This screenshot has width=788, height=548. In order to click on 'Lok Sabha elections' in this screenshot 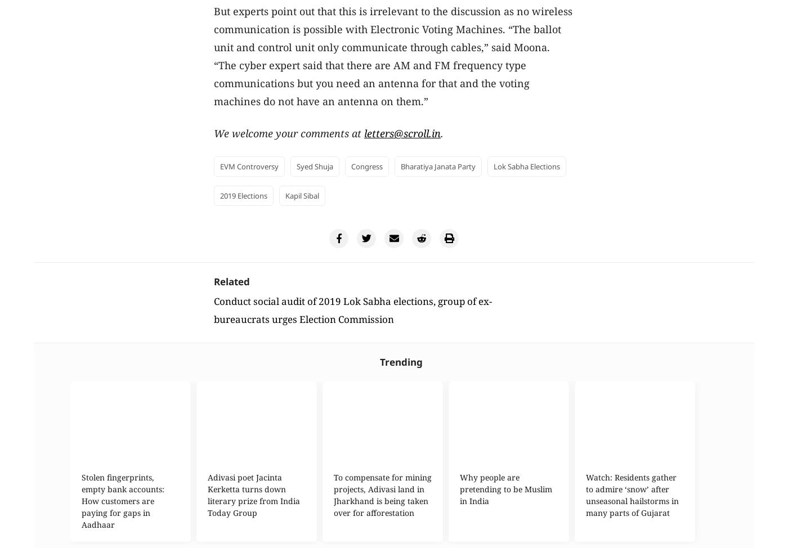, I will do `click(527, 165)`.